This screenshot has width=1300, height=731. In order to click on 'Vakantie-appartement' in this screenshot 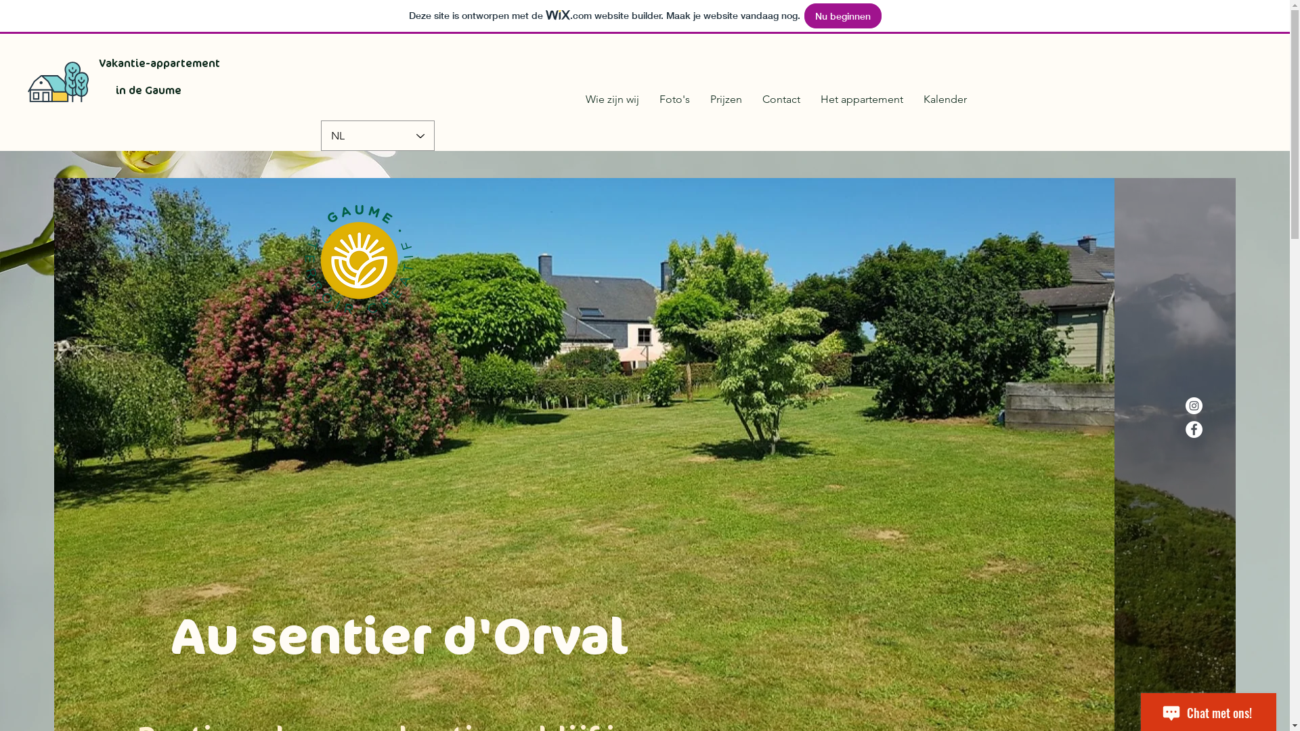, I will do `click(159, 63)`.